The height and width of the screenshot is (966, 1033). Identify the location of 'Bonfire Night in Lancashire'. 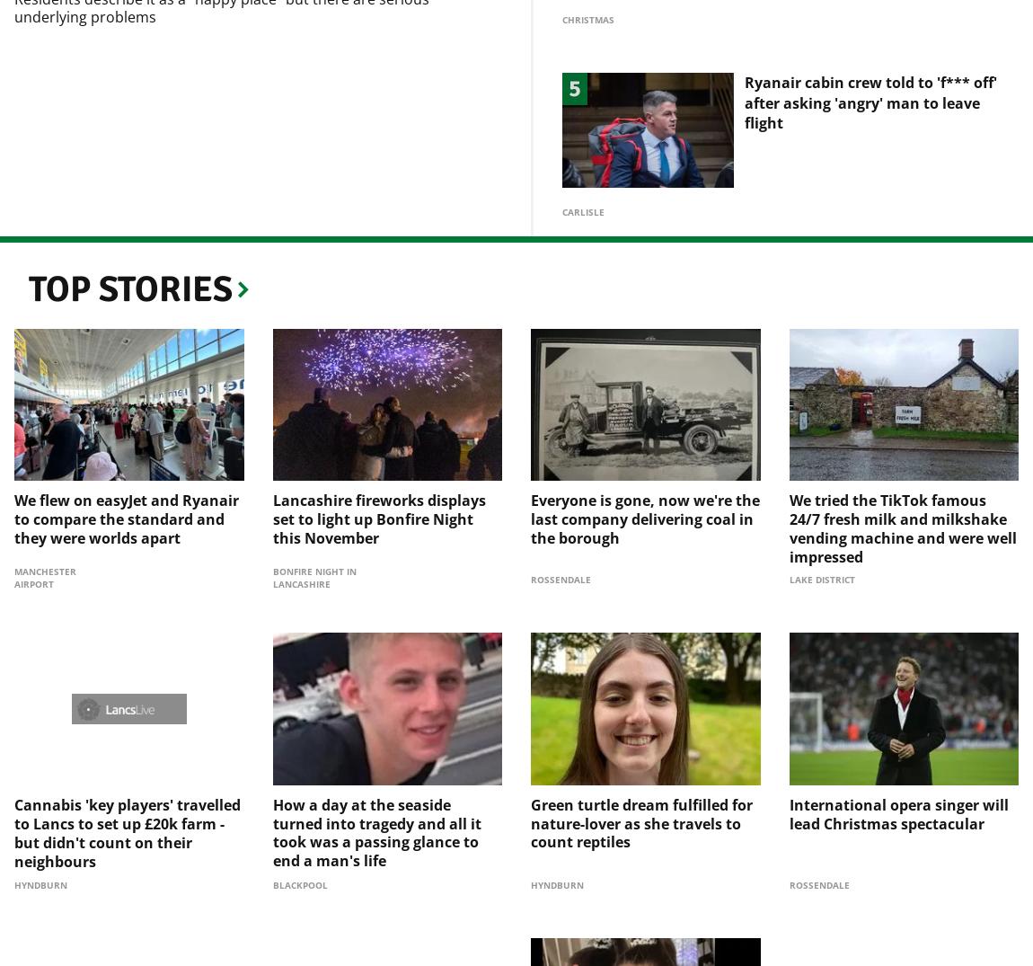
(313, 546).